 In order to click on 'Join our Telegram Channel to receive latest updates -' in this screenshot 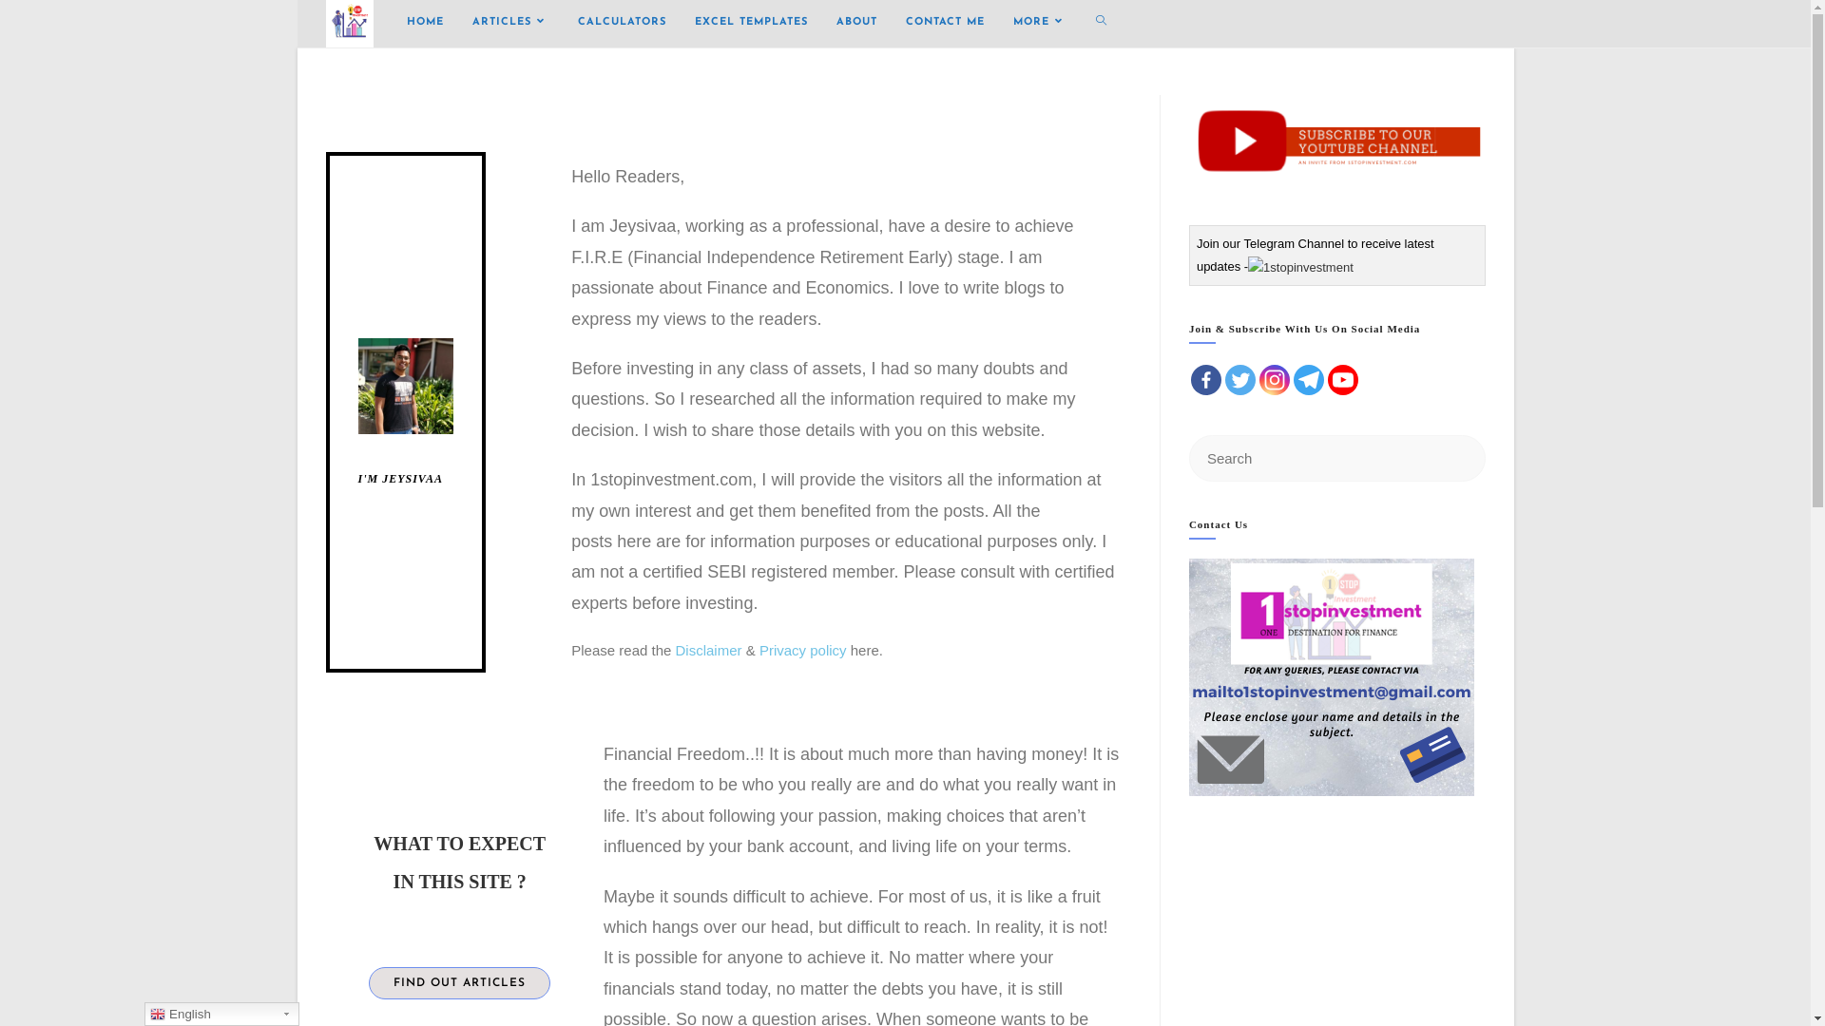, I will do `click(1314, 253)`.